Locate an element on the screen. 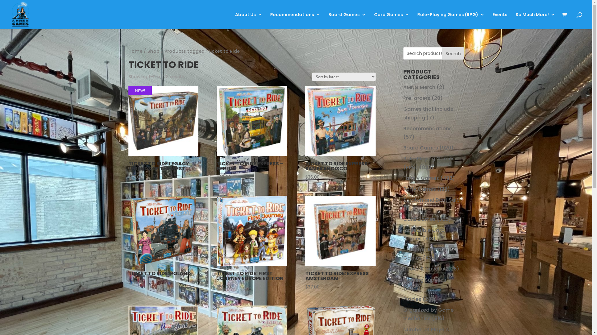 This screenshot has height=335, width=597. 'Search' is located at coordinates (453, 53).